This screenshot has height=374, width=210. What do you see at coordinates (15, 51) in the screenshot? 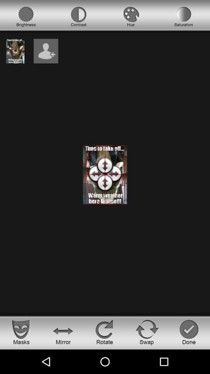
I see `photo` at bounding box center [15, 51].